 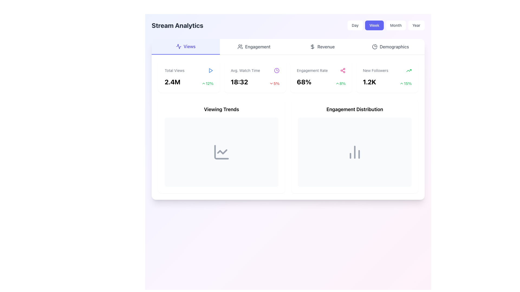 What do you see at coordinates (321, 82) in the screenshot?
I see `the Data Display element showing the engagement rate of 68% and its increase of 8%, located centrally within the 'Engagement Rate' card` at bounding box center [321, 82].